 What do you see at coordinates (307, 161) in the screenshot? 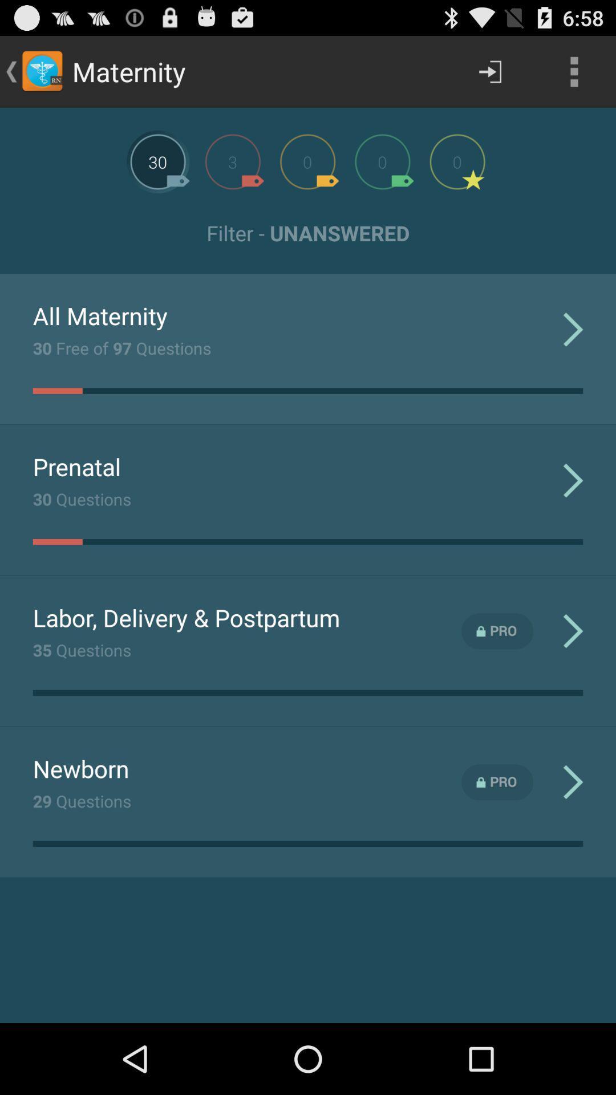
I see `see items with orange tag` at bounding box center [307, 161].